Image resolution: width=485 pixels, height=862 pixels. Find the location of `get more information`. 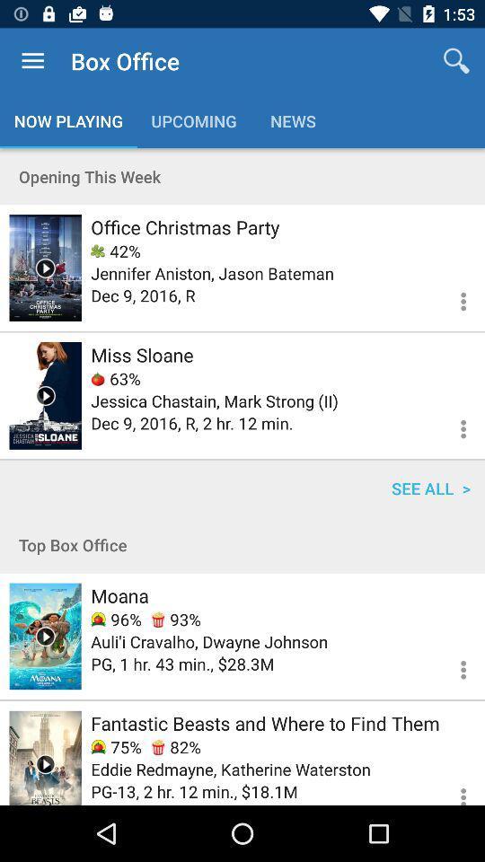

get more information is located at coordinates (452, 787).